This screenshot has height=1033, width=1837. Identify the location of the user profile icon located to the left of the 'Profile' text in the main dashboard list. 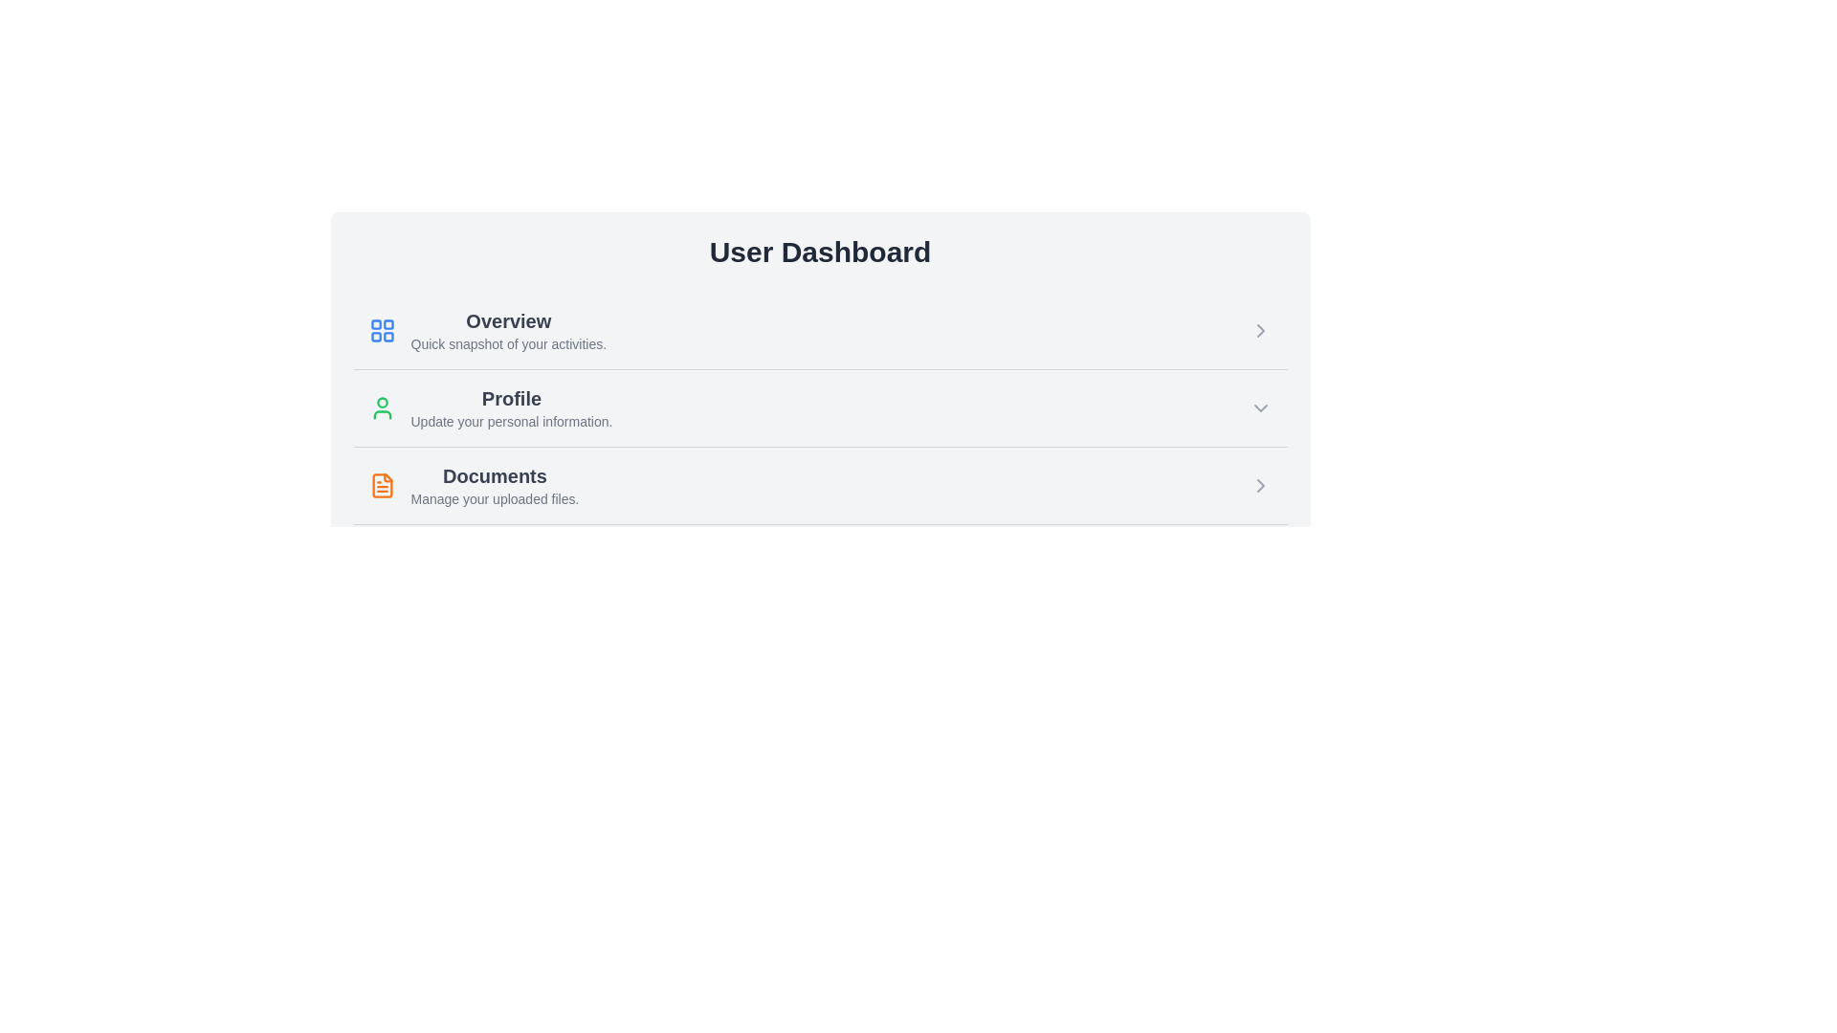
(382, 407).